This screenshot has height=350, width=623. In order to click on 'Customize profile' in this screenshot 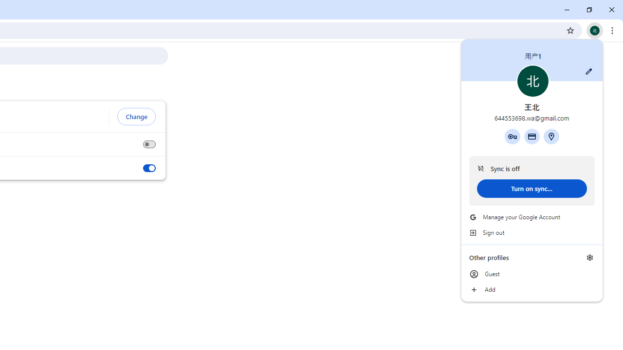, I will do `click(588, 71)`.